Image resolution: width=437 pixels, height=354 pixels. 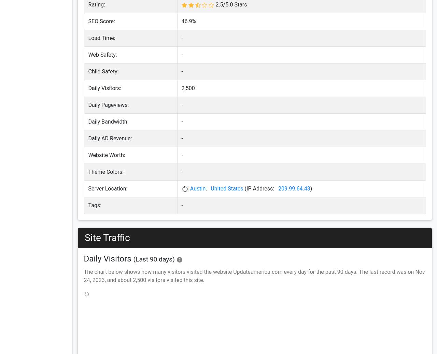 What do you see at coordinates (102, 54) in the screenshot?
I see `'Web Safety:'` at bounding box center [102, 54].